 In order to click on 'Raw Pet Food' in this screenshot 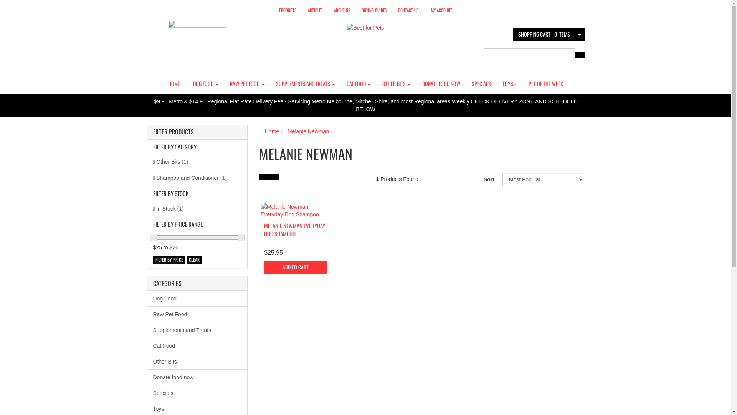, I will do `click(197, 314)`.